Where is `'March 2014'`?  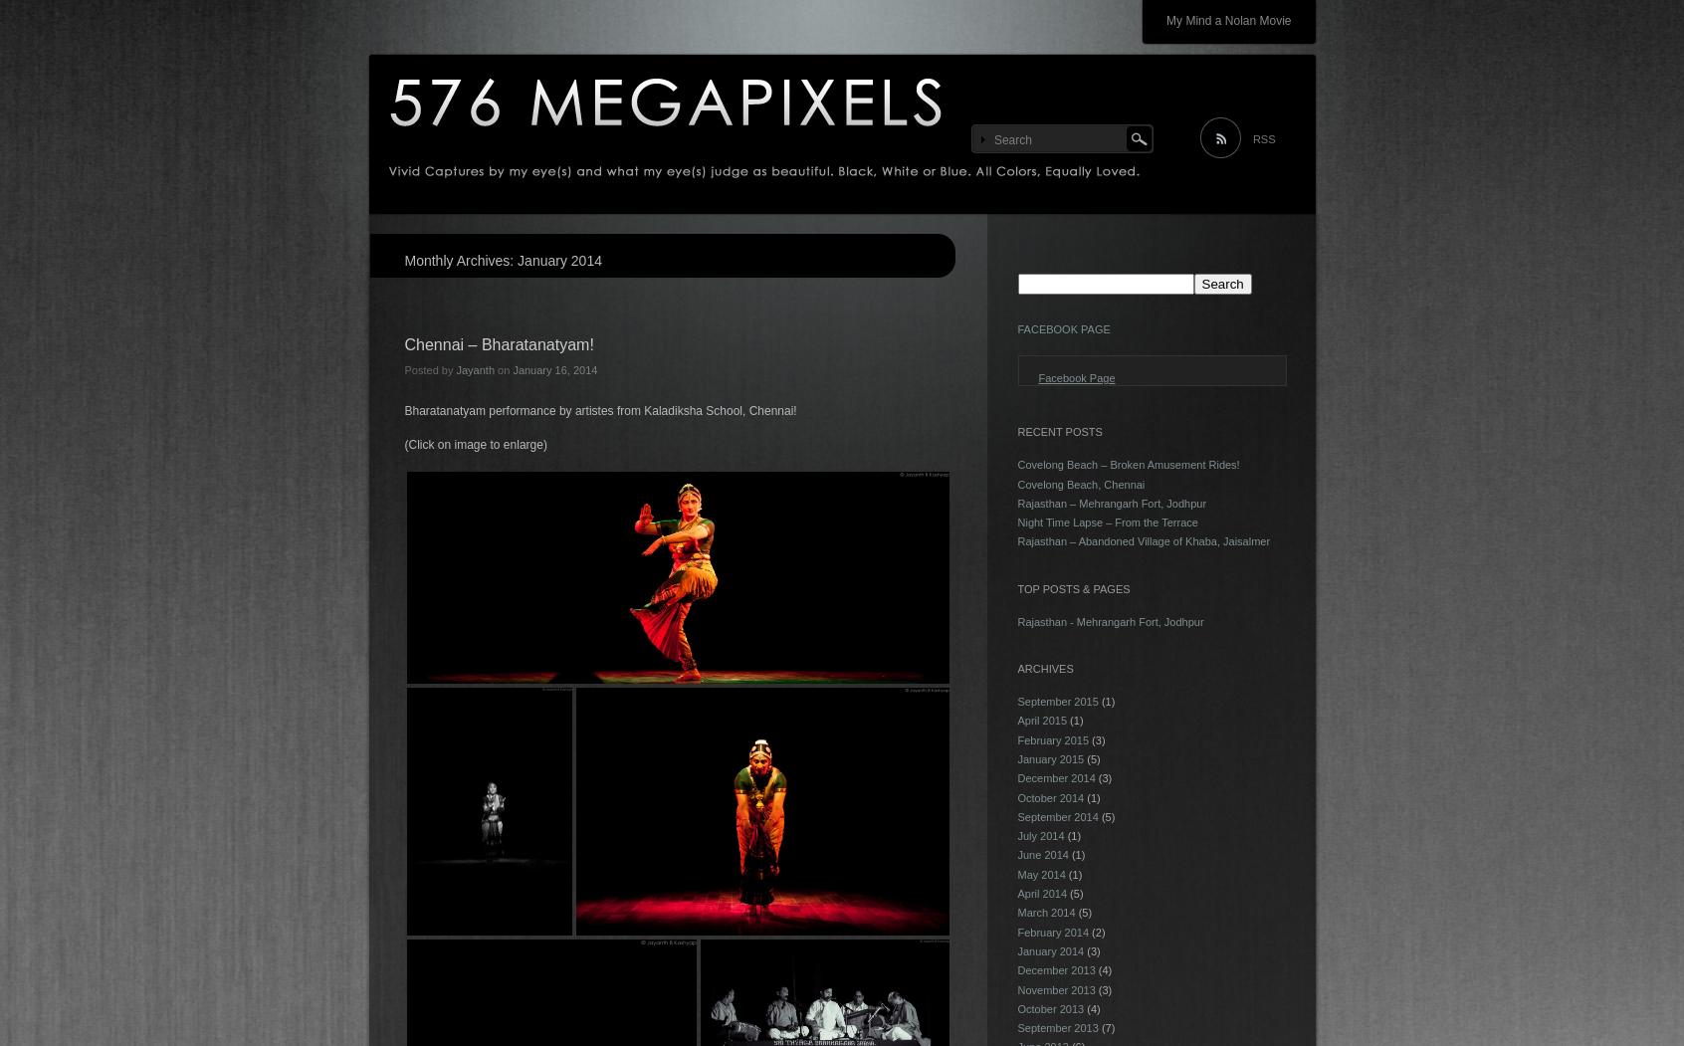
'March 2014' is located at coordinates (1045, 912).